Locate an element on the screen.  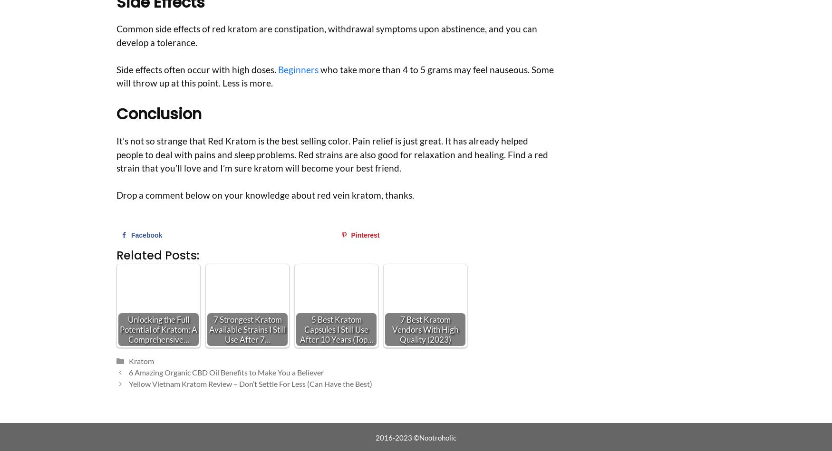
'who take more than 4 to 5 grams may feel nauseous. Some will throw up at this point. Less is more.' is located at coordinates (116, 76).